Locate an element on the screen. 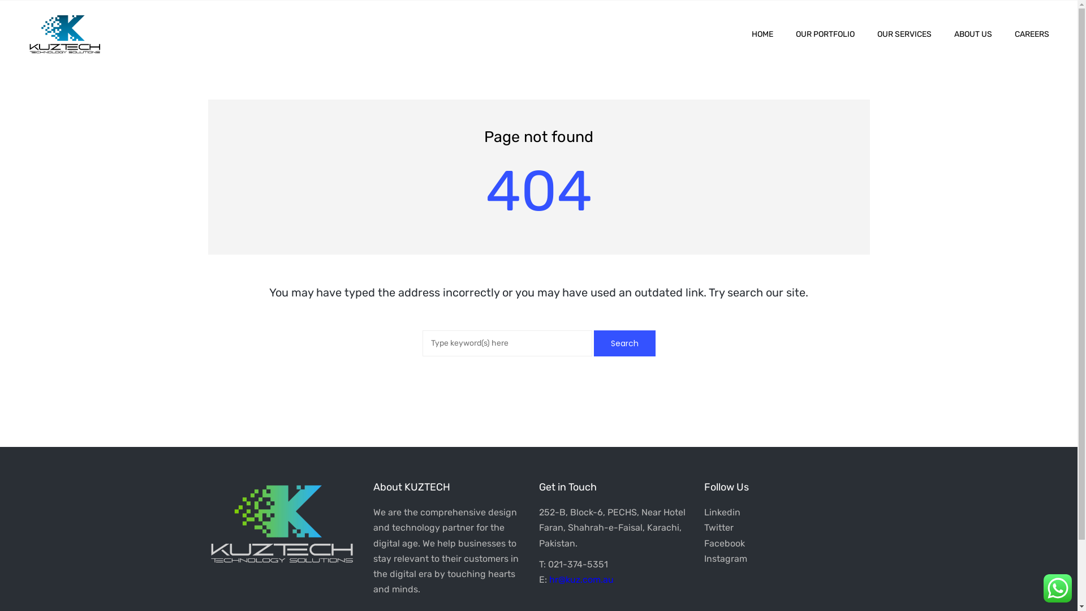  'HOME' is located at coordinates (762, 34).